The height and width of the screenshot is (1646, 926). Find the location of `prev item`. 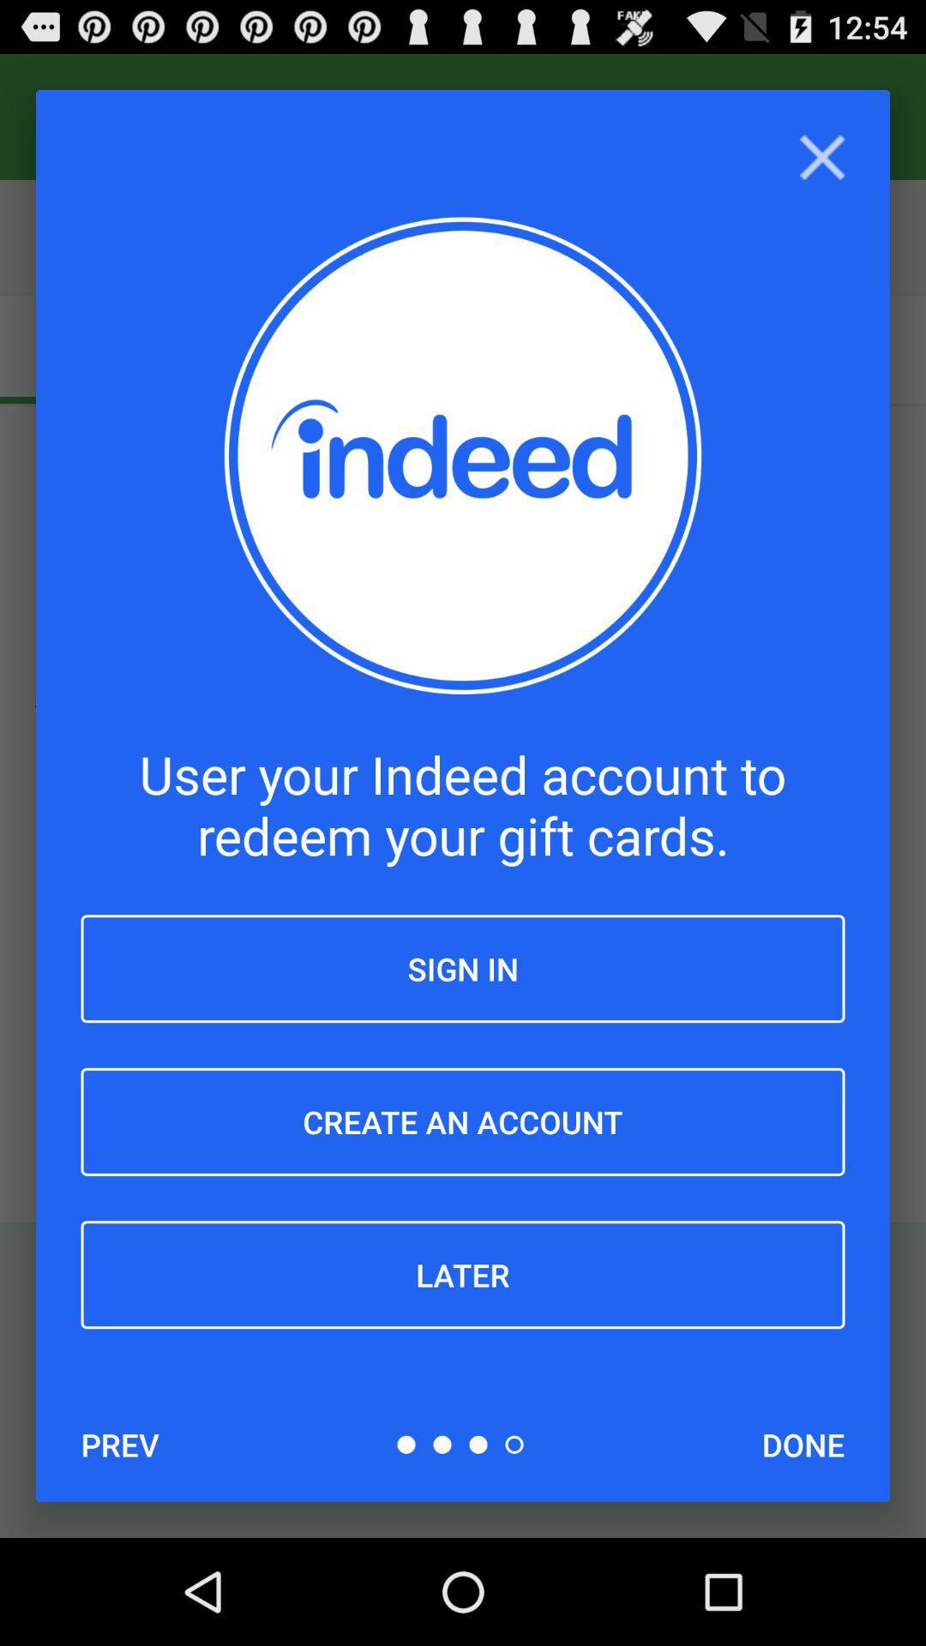

prev item is located at coordinates (119, 1444).